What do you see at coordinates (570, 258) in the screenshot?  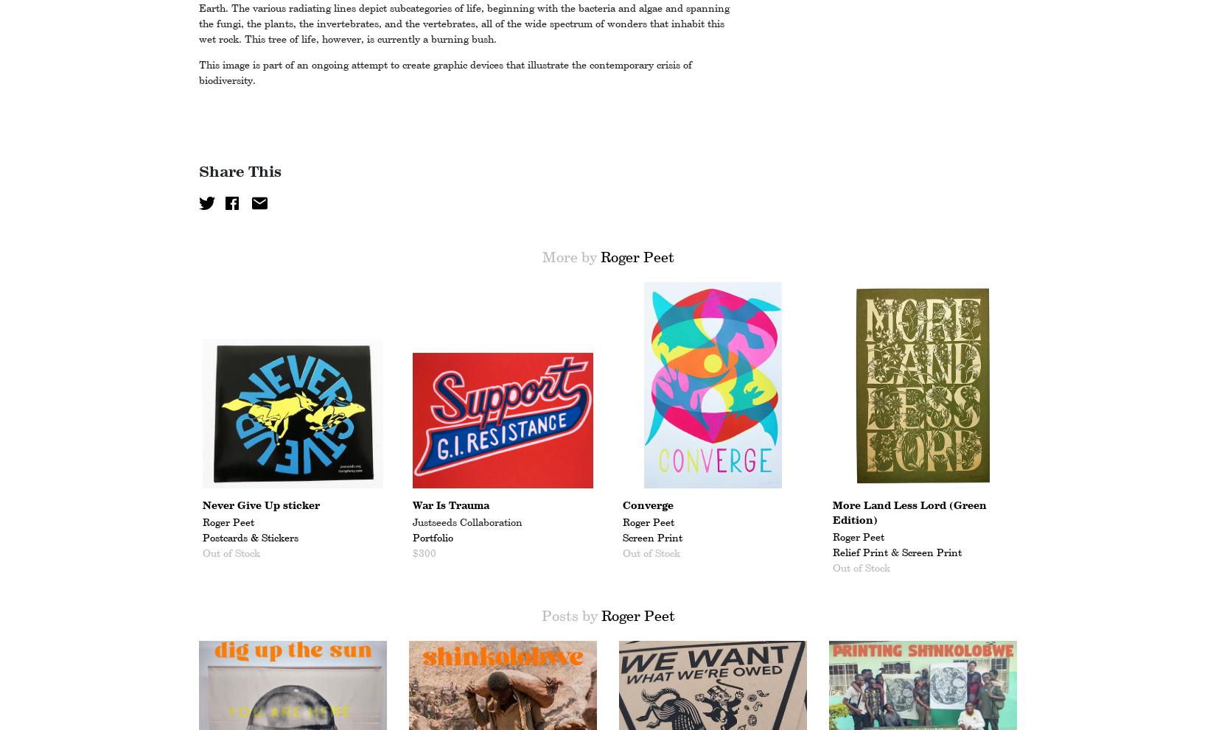 I see `'More by'` at bounding box center [570, 258].